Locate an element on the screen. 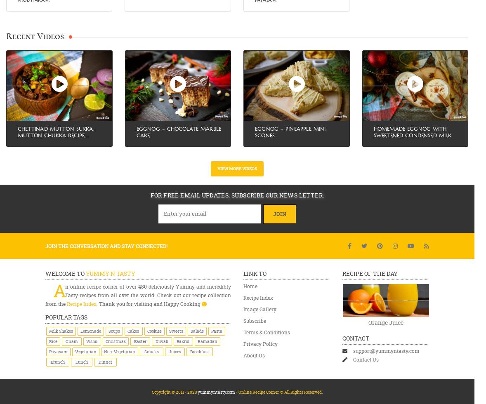 This screenshot has width=486, height=404. 'support@yummyntasty.com' is located at coordinates (386, 350).